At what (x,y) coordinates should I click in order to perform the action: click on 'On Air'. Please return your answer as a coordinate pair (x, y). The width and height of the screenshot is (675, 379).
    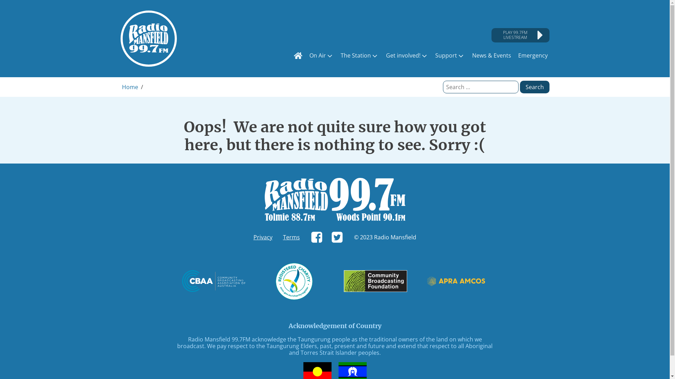
    Looking at the image, I should click on (321, 55).